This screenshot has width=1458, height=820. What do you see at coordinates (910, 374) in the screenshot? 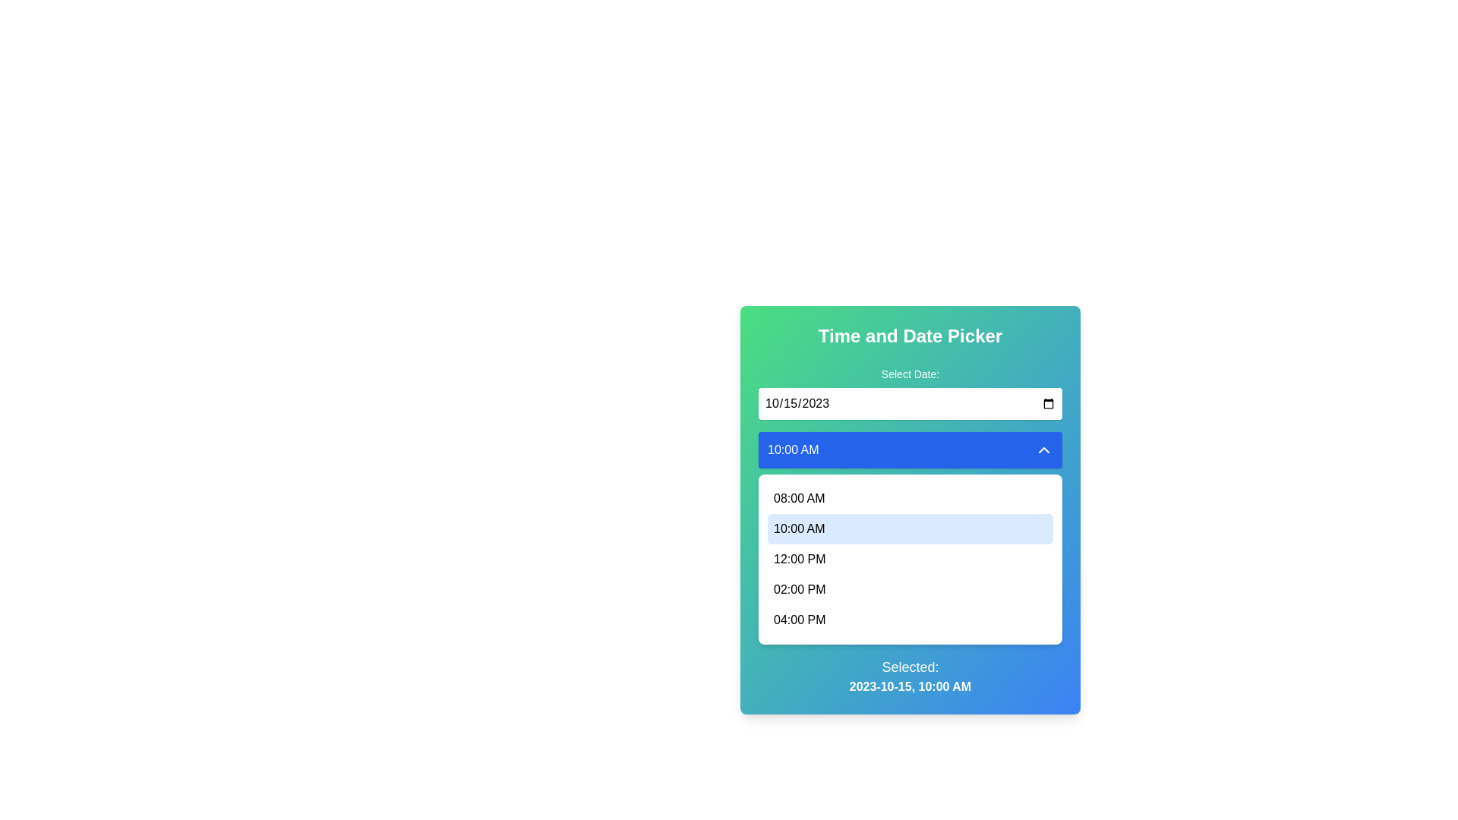
I see `label that provides context for the date input field located at the top section of the interface, positioned directly above the date input field` at bounding box center [910, 374].